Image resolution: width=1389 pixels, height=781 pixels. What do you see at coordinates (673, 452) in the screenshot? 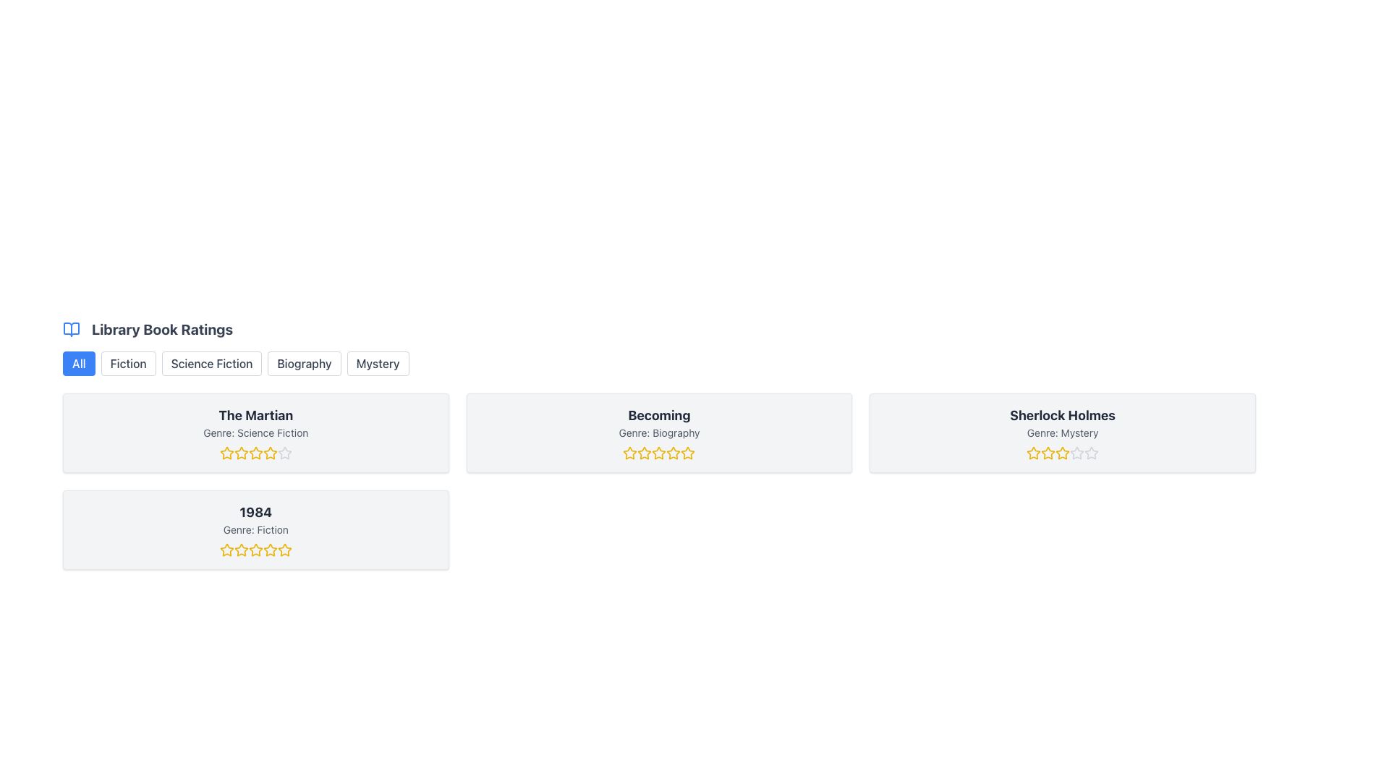
I see `the fourth star icon in the five-star rating scale under the card labeled 'Becoming'` at bounding box center [673, 452].